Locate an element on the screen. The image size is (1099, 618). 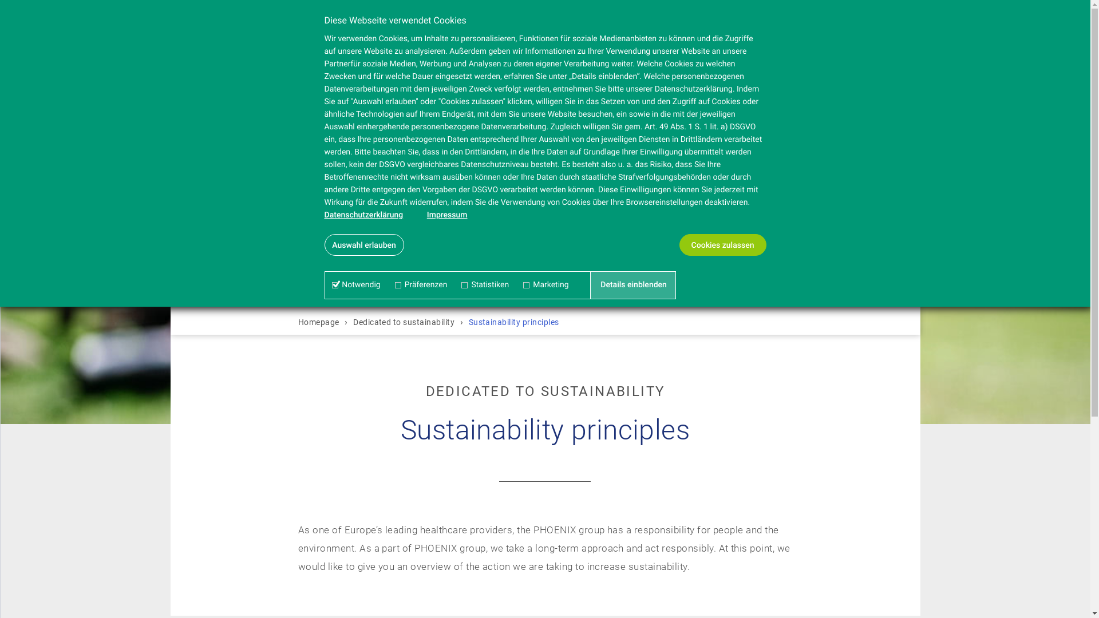
'Sustainability principles' is located at coordinates (513, 322).